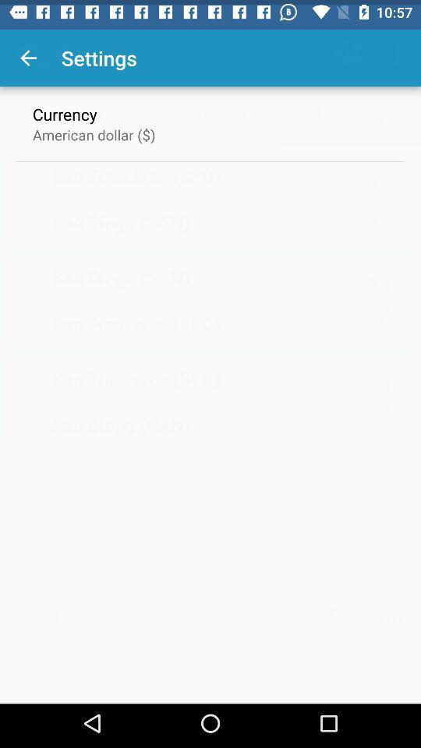 The height and width of the screenshot is (748, 421). What do you see at coordinates (94, 129) in the screenshot?
I see `american dollar ($) icon` at bounding box center [94, 129].